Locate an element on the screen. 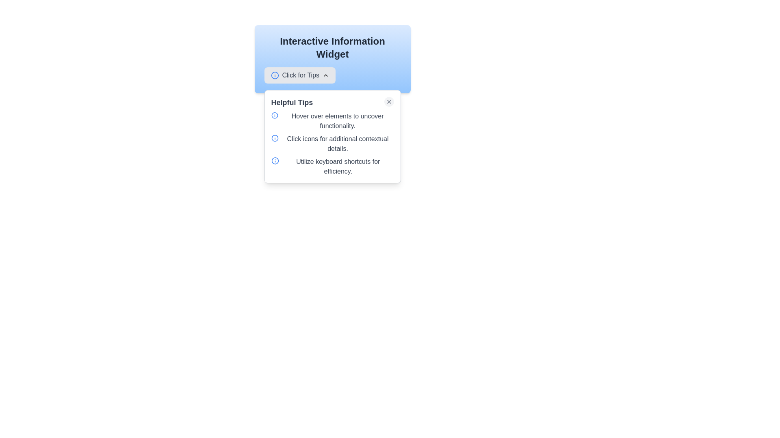  the central circular component of the icon located in the upper section of the 'Helpful Tips' card interface, near the title 'Click for Tips' is located at coordinates (275, 75).